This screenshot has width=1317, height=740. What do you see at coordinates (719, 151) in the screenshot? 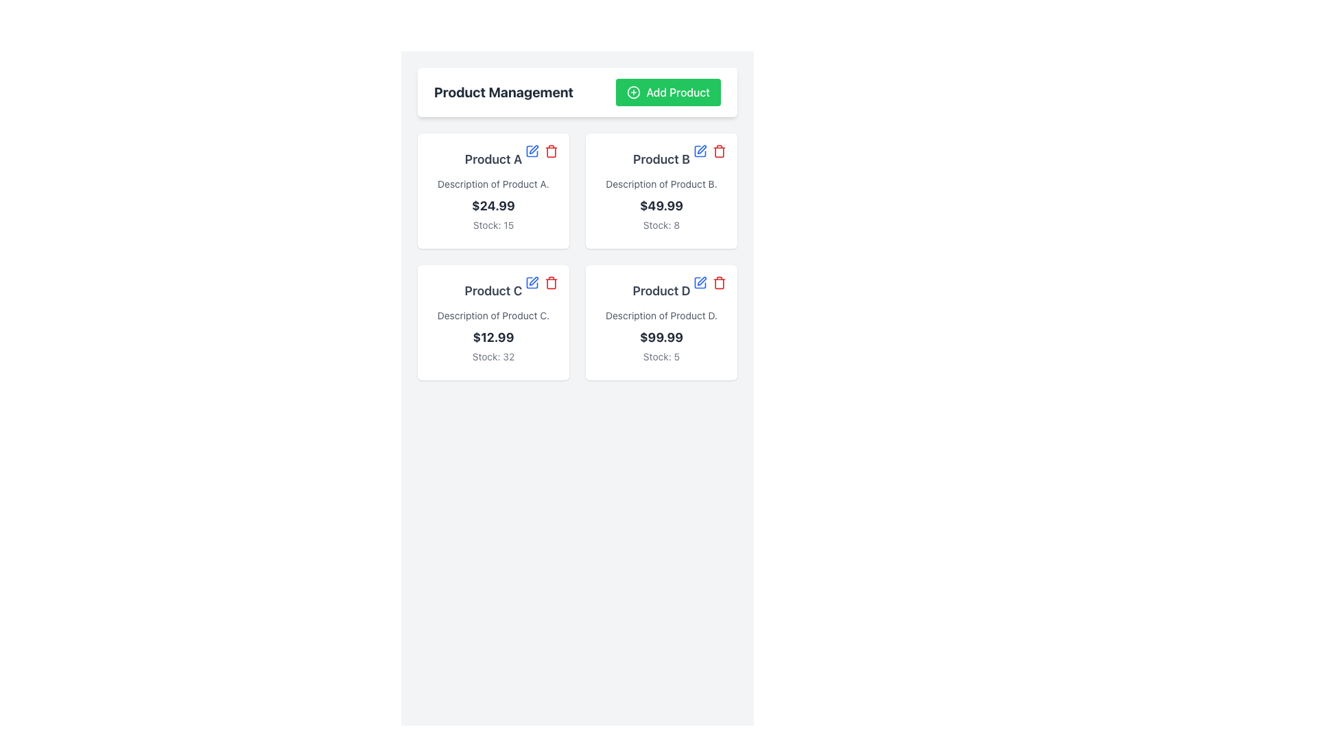
I see `the Trash Icon button located at the top-right corner of the product card for 'Product B'` at bounding box center [719, 151].